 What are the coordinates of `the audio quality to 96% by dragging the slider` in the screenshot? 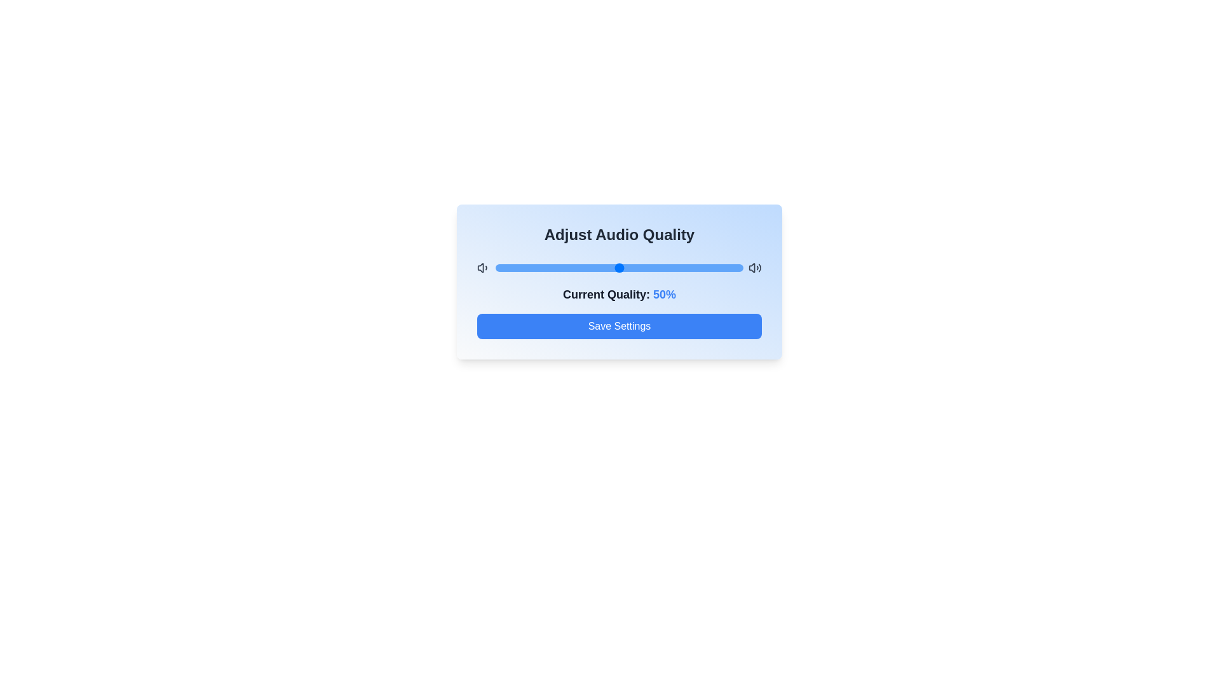 It's located at (733, 267).